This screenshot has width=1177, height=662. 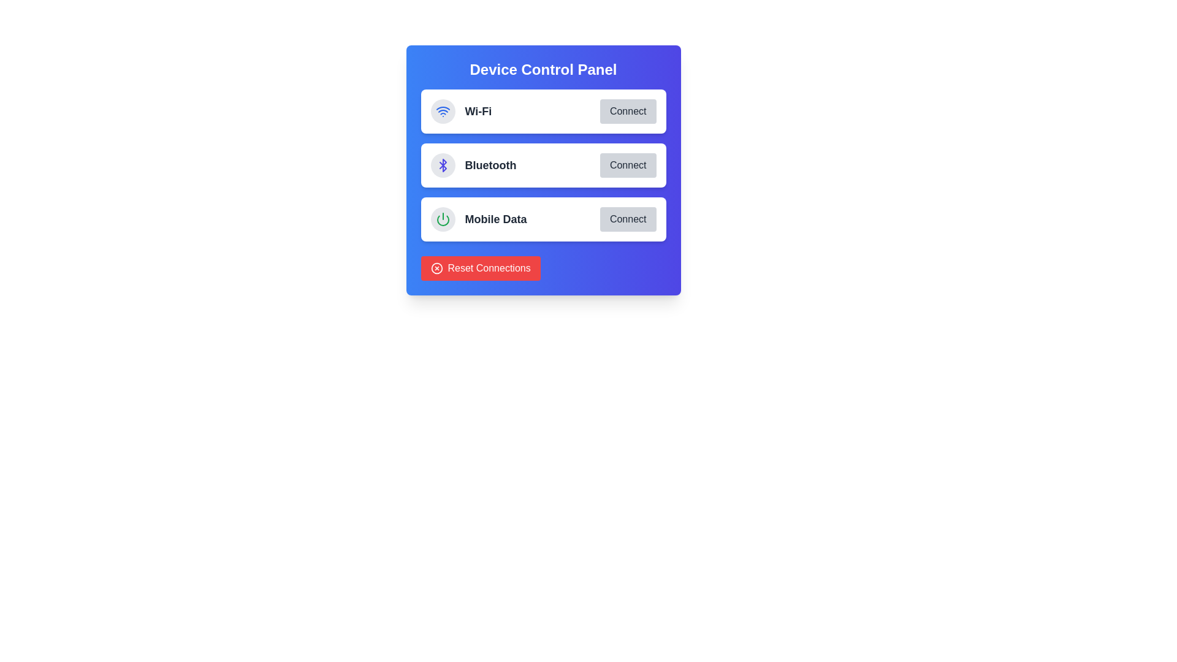 I want to click on the Bluetooth icon, which is the second button from the top in a vertical stack of three options, represented by a rounded rectangular area with a gray background and aligned with the 'Bluetooth' label, so click(x=442, y=165).